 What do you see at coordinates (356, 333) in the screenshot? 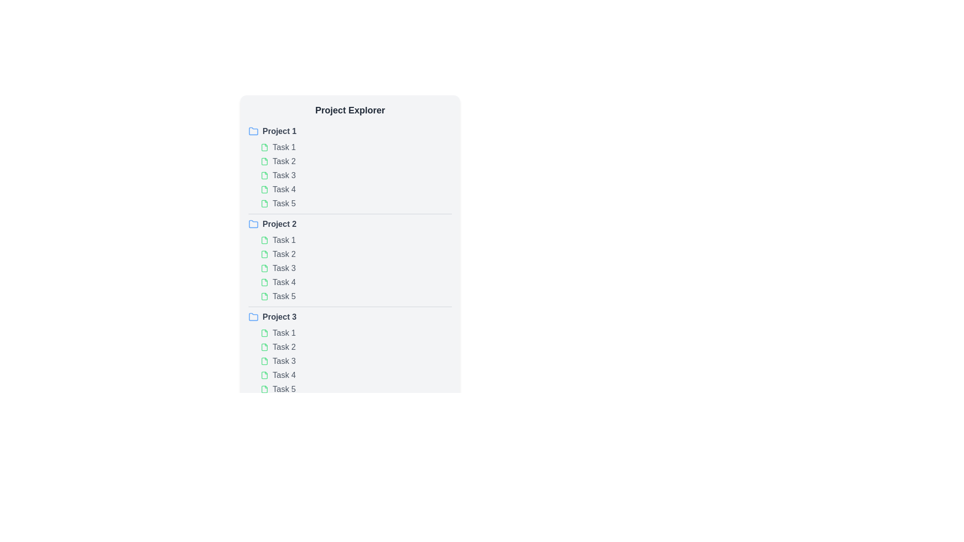
I see `the first task item under the 'Project 3' section in the project management interface` at bounding box center [356, 333].